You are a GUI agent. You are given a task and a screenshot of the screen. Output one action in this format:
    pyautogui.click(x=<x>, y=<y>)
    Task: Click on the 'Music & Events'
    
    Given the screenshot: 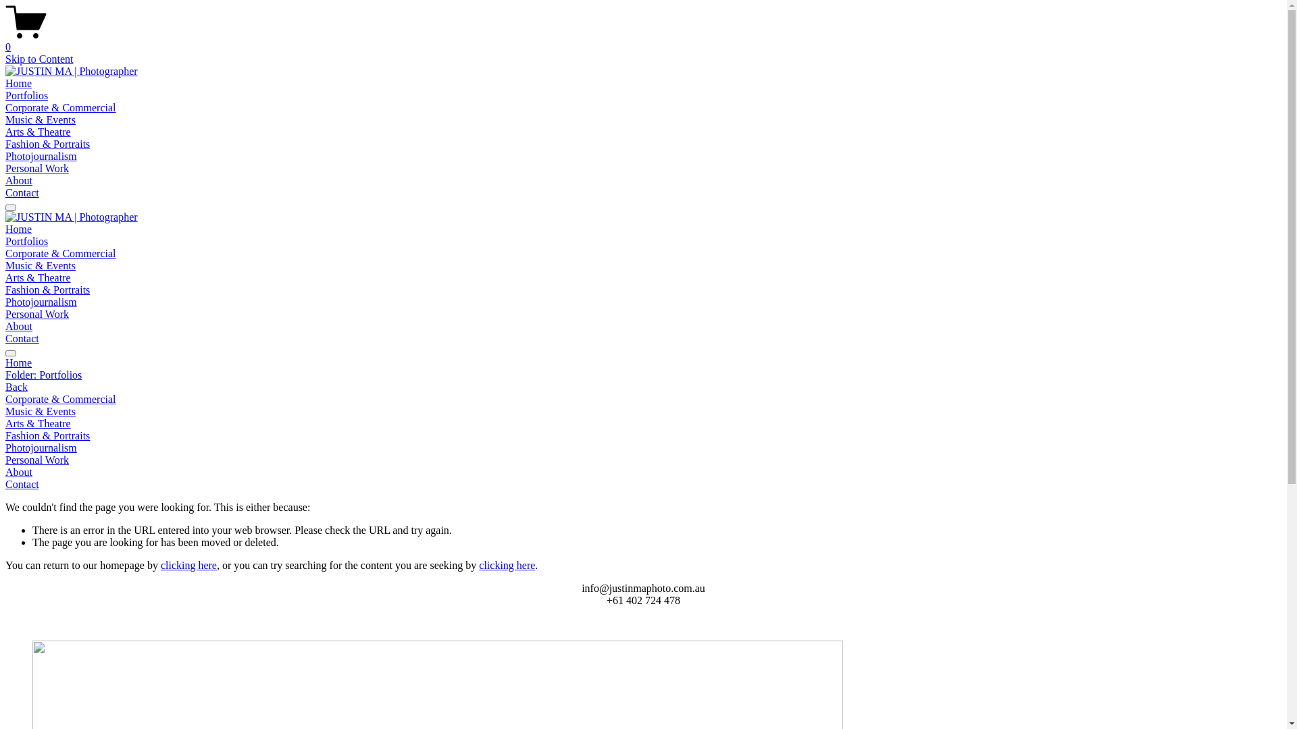 What is the action you would take?
    pyautogui.click(x=642, y=410)
    